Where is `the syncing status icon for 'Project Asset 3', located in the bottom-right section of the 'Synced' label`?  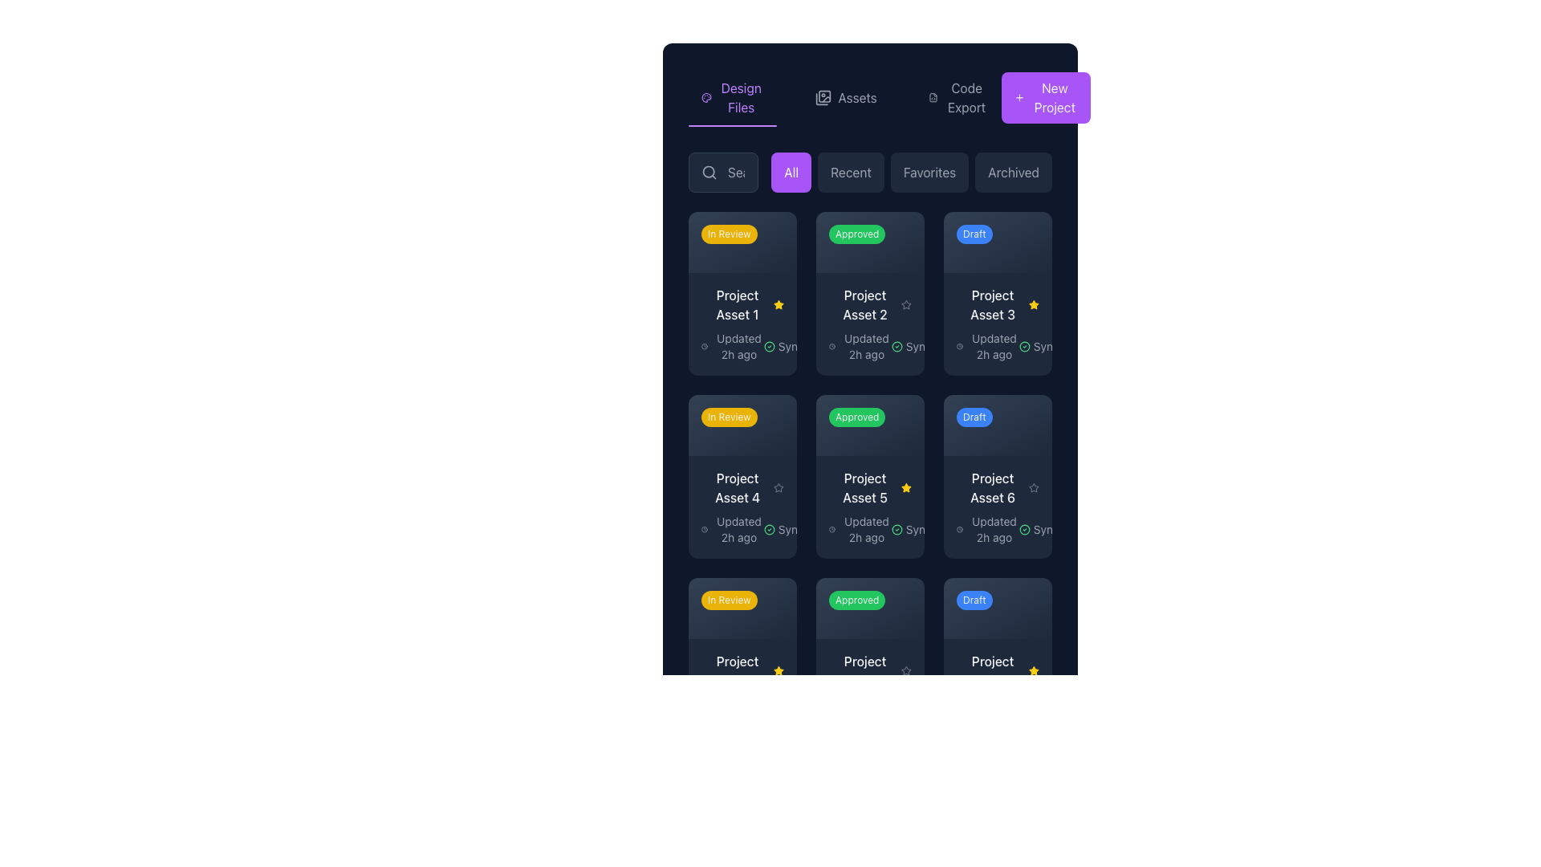 the syncing status icon for 'Project Asset 3', located in the bottom-right section of the 'Synced' label is located at coordinates (1023, 345).